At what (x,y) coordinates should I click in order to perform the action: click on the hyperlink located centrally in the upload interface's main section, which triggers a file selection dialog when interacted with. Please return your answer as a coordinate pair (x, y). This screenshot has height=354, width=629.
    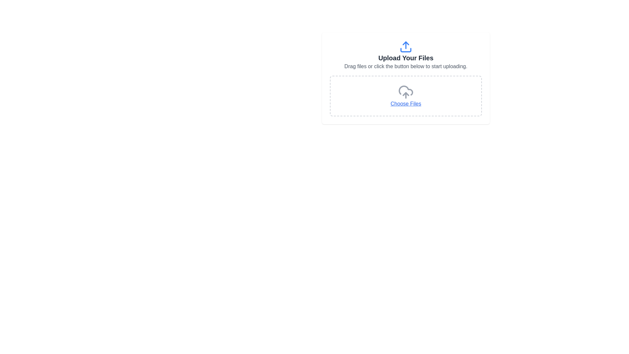
    Looking at the image, I should click on (405, 103).